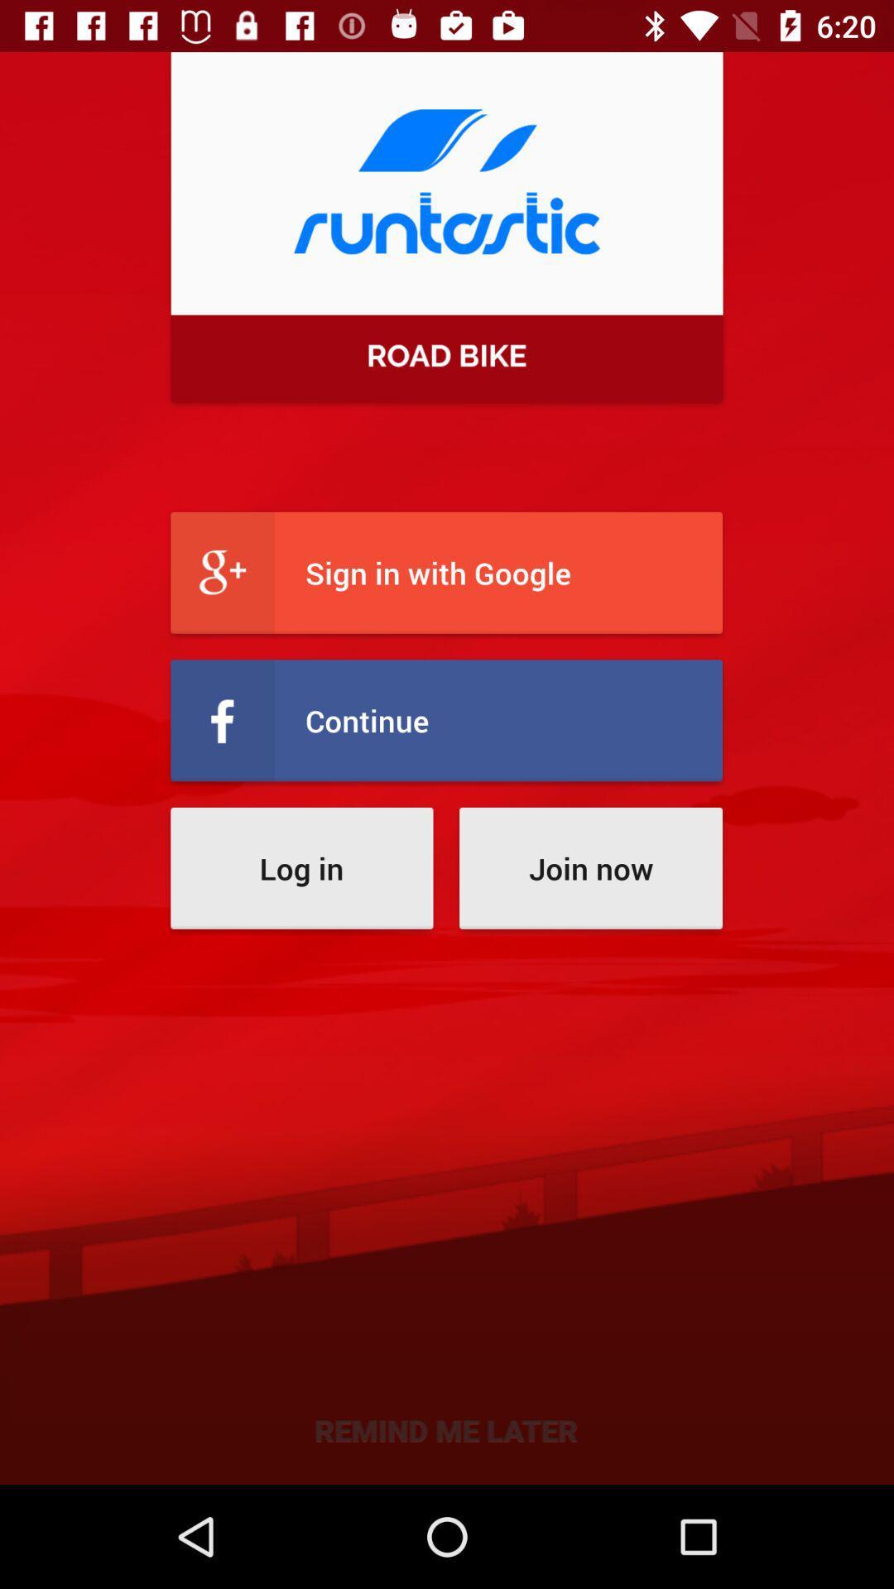 The width and height of the screenshot is (894, 1589). I want to click on join now item, so click(589, 867).